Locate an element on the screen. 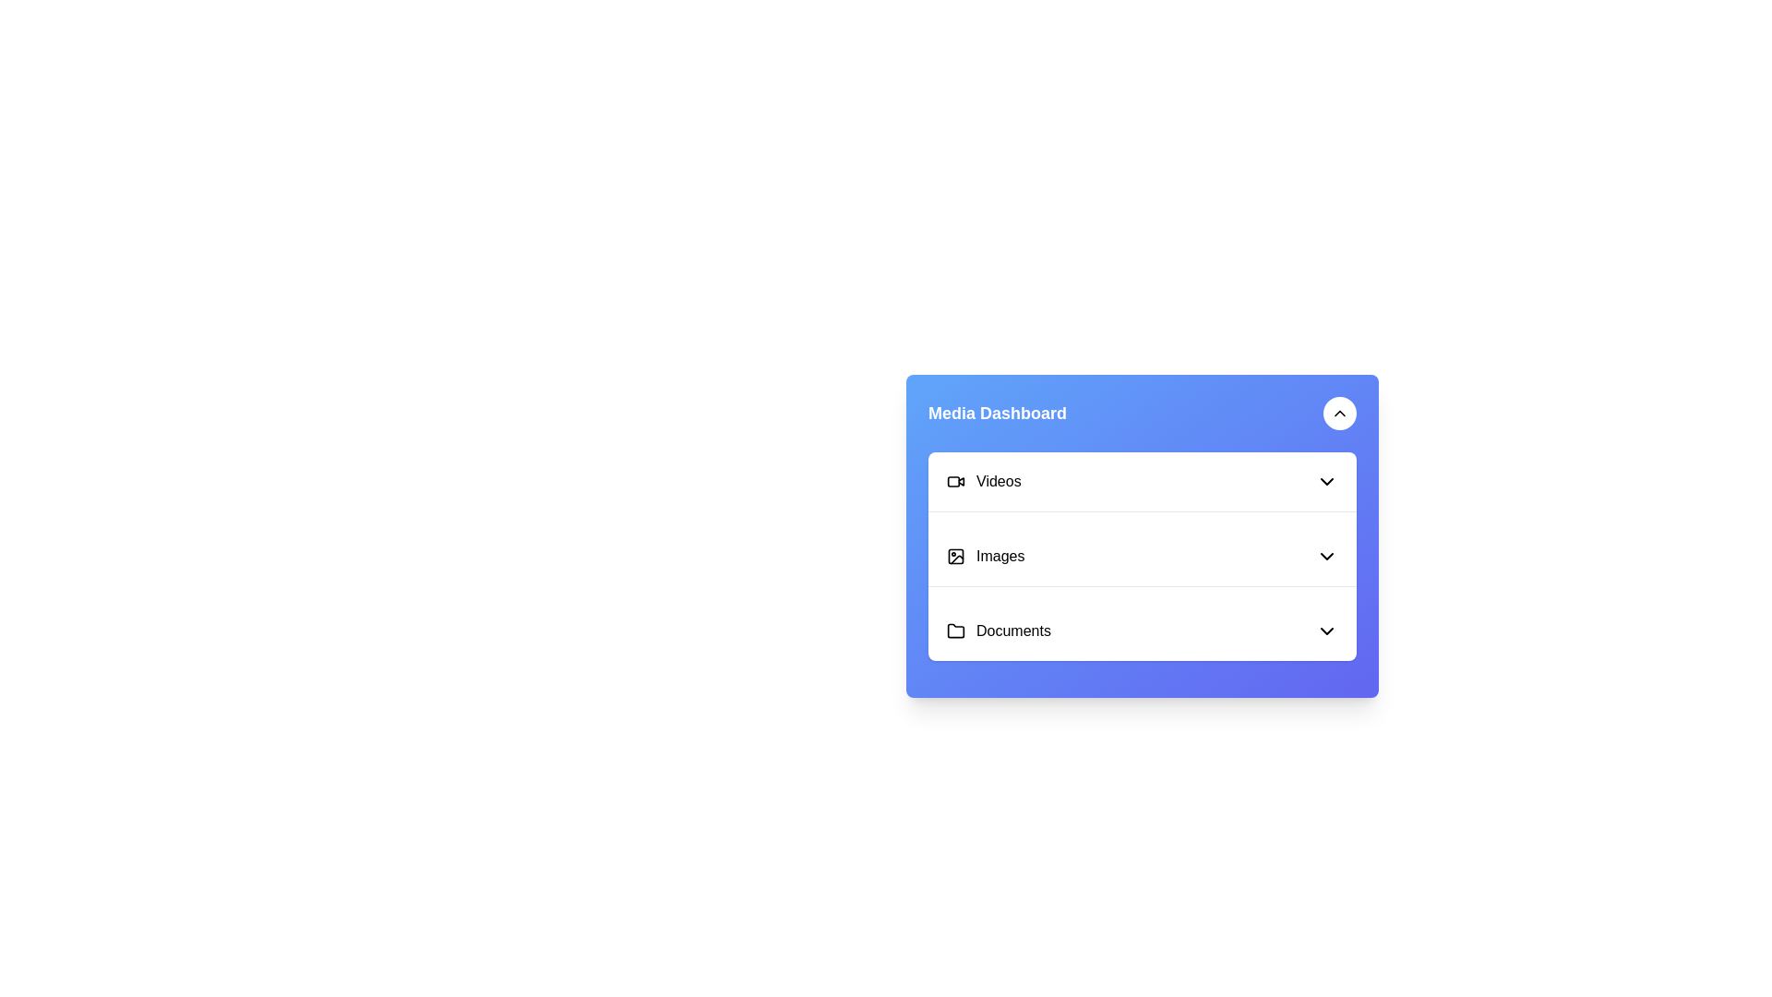 The width and height of the screenshot is (1772, 997). the circular button with a white background and black border, featuring an upward-pointing chevron icon, located at the top-right corner of the 'Media Dashboard' interface is located at coordinates (1339, 412).